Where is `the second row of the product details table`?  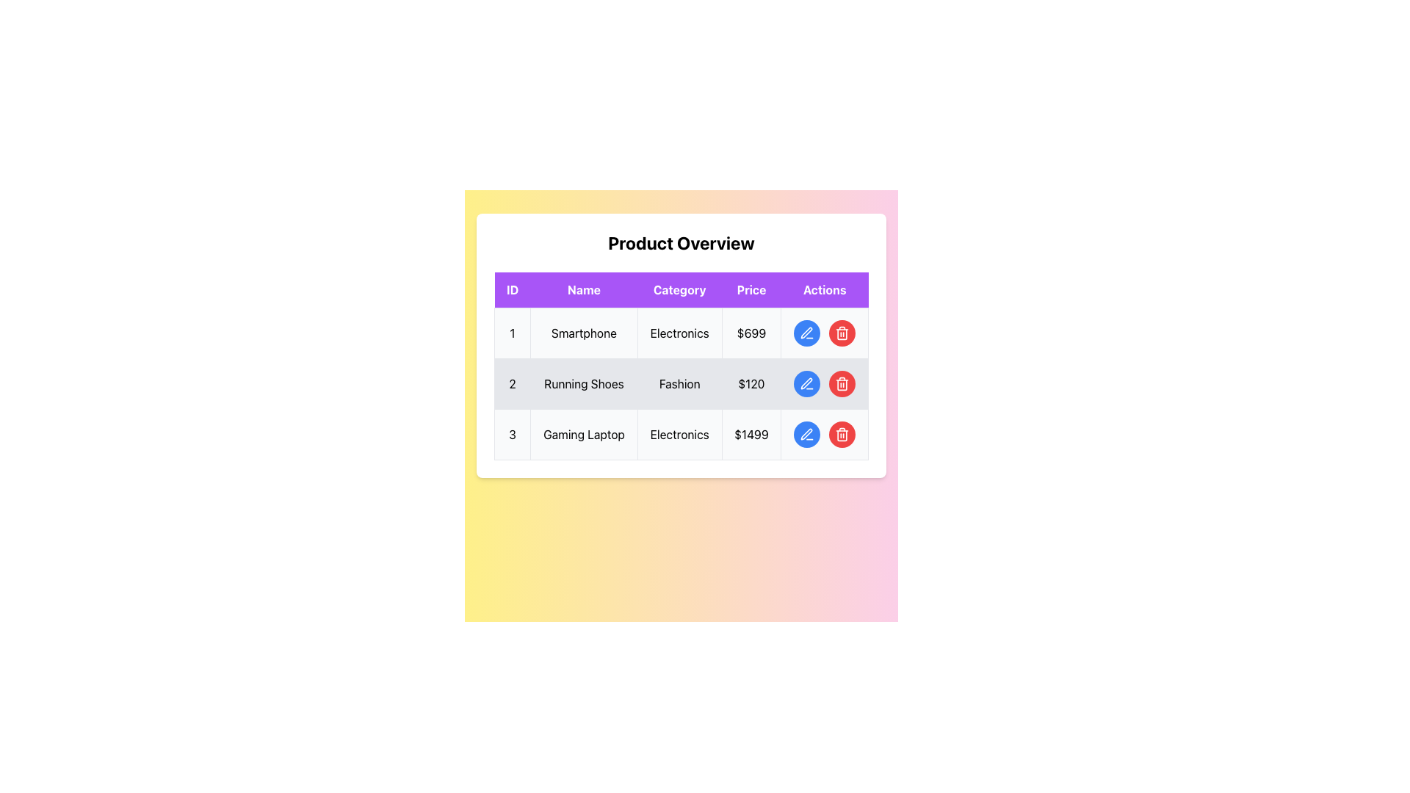 the second row of the product details table is located at coordinates (680, 383).